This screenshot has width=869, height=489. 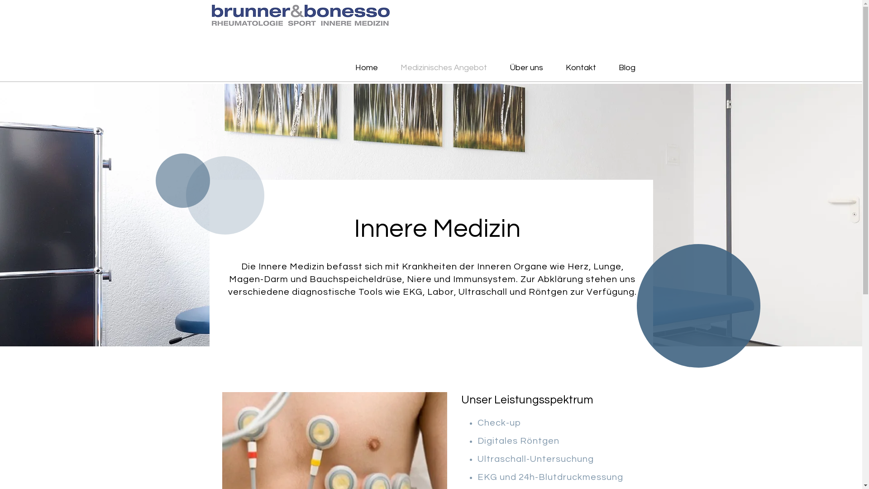 What do you see at coordinates (626, 67) in the screenshot?
I see `'Blog'` at bounding box center [626, 67].